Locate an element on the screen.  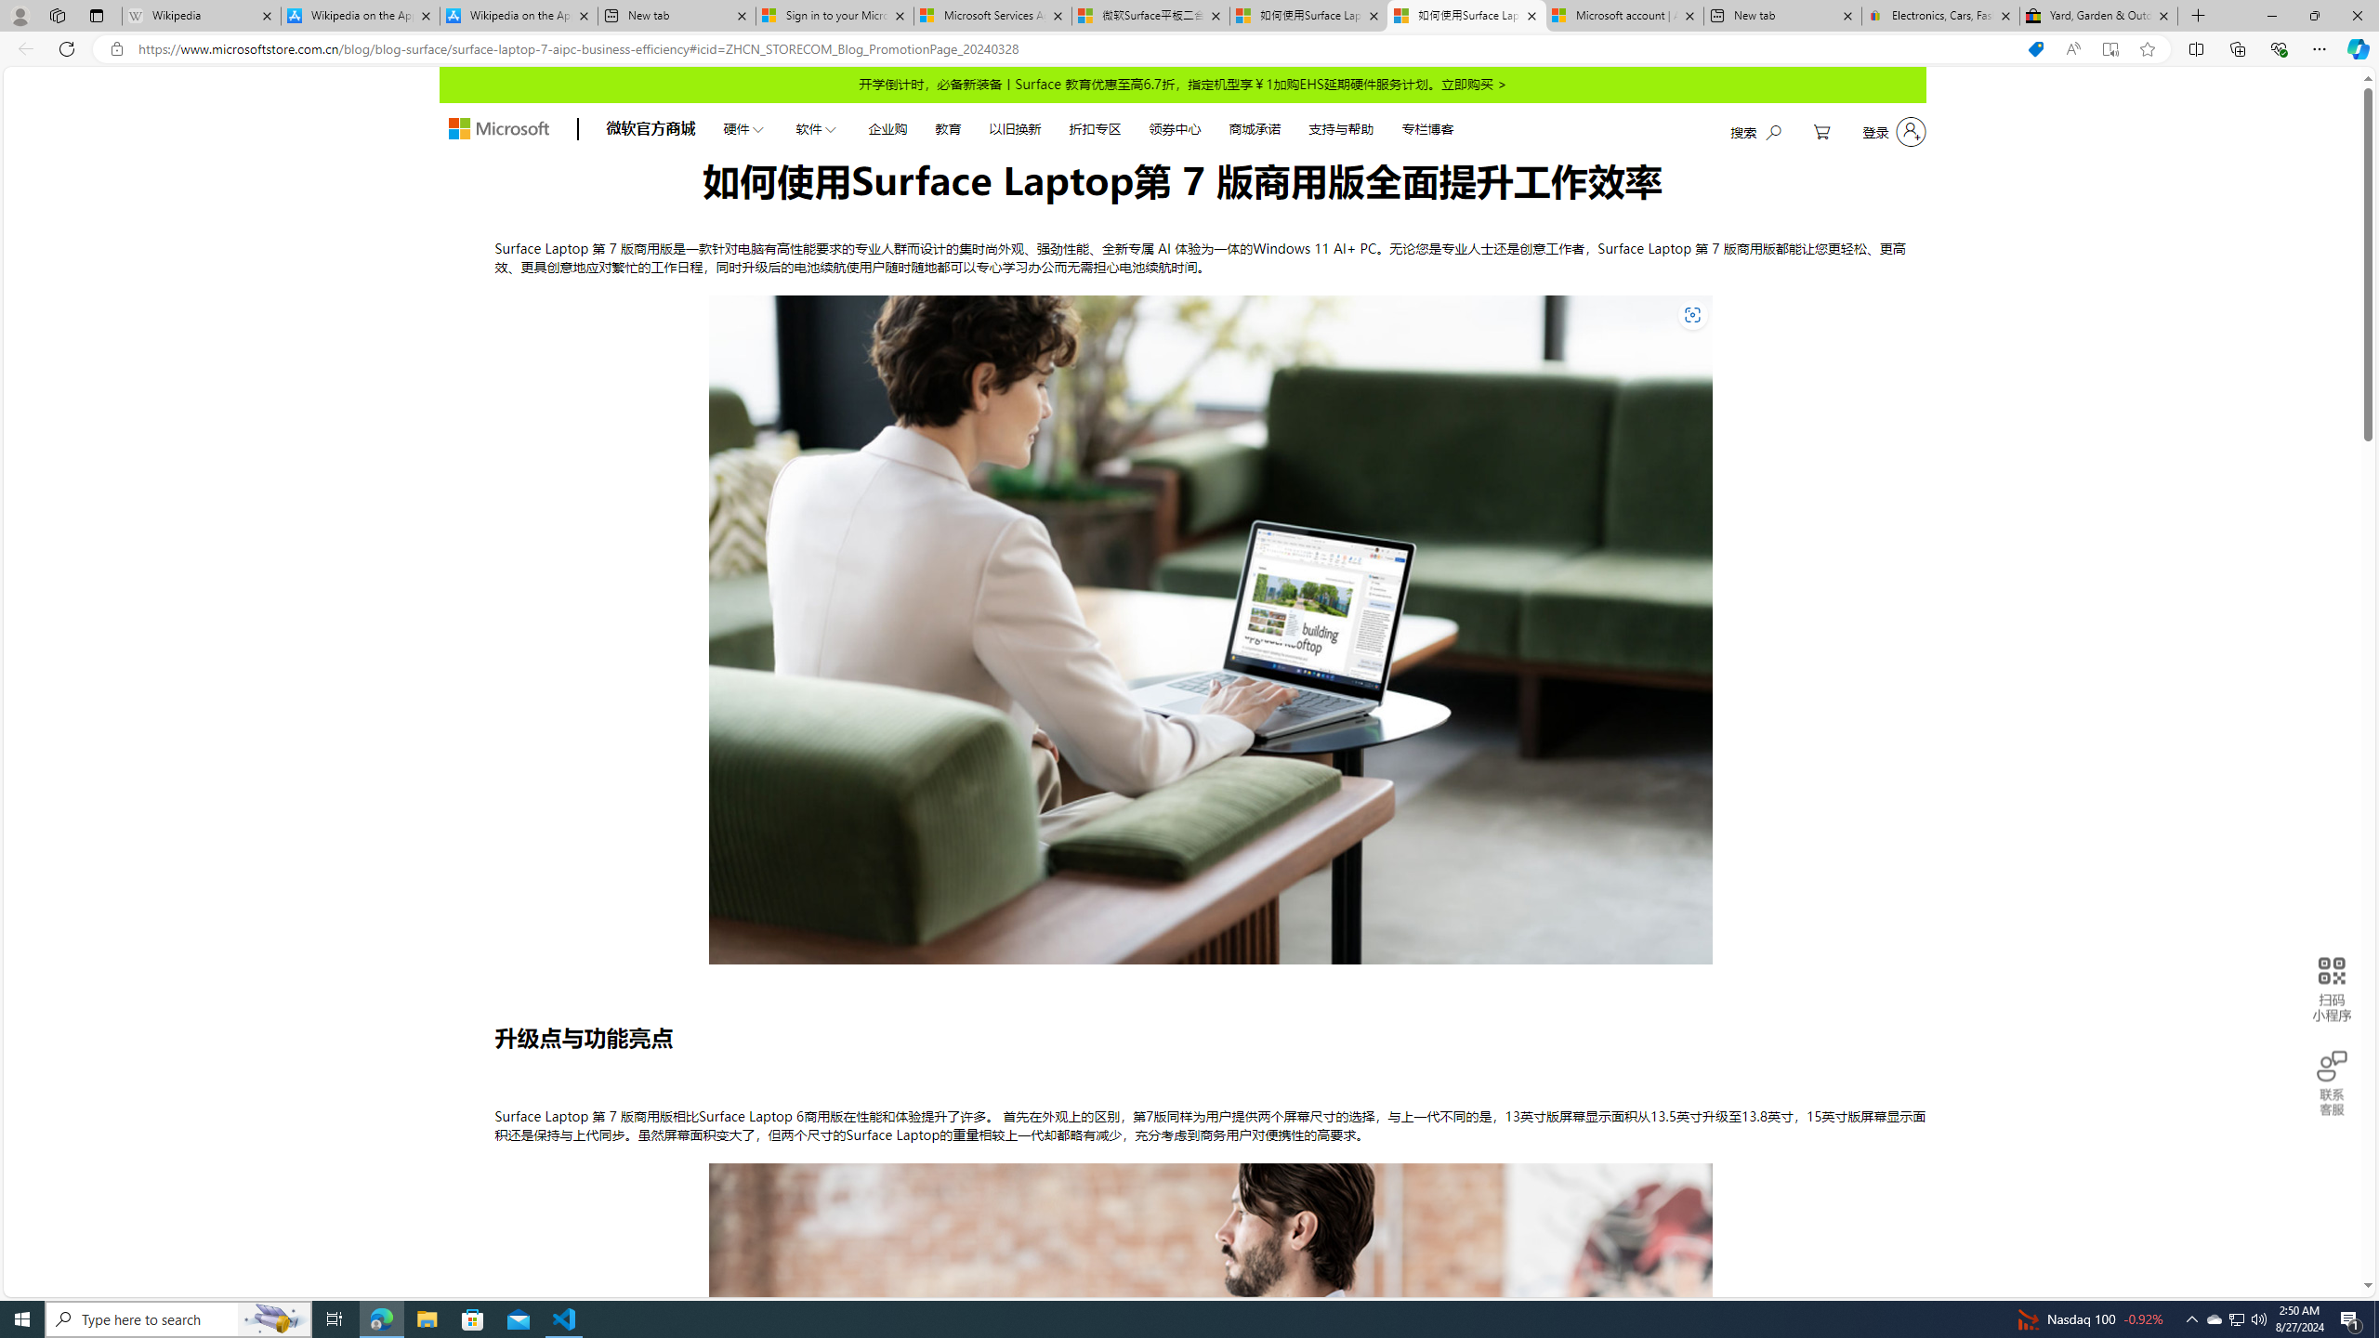
'Yard, Garden & Outdoor Living' is located at coordinates (2098, 15).